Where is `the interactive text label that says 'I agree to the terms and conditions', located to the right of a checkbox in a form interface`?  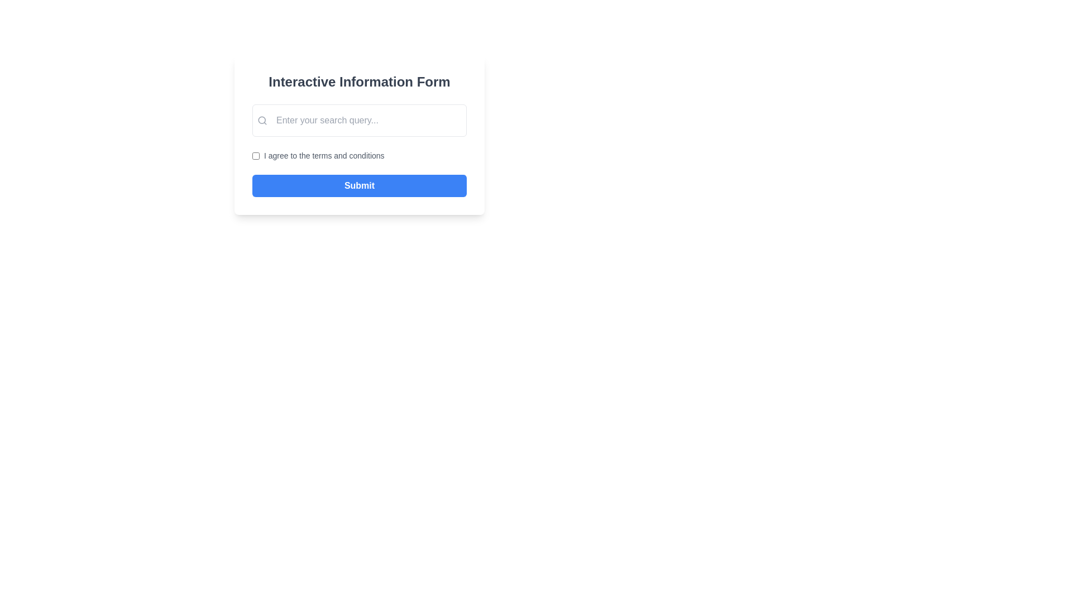
the interactive text label that says 'I agree to the terms and conditions', located to the right of a checkbox in a form interface is located at coordinates (323, 155).